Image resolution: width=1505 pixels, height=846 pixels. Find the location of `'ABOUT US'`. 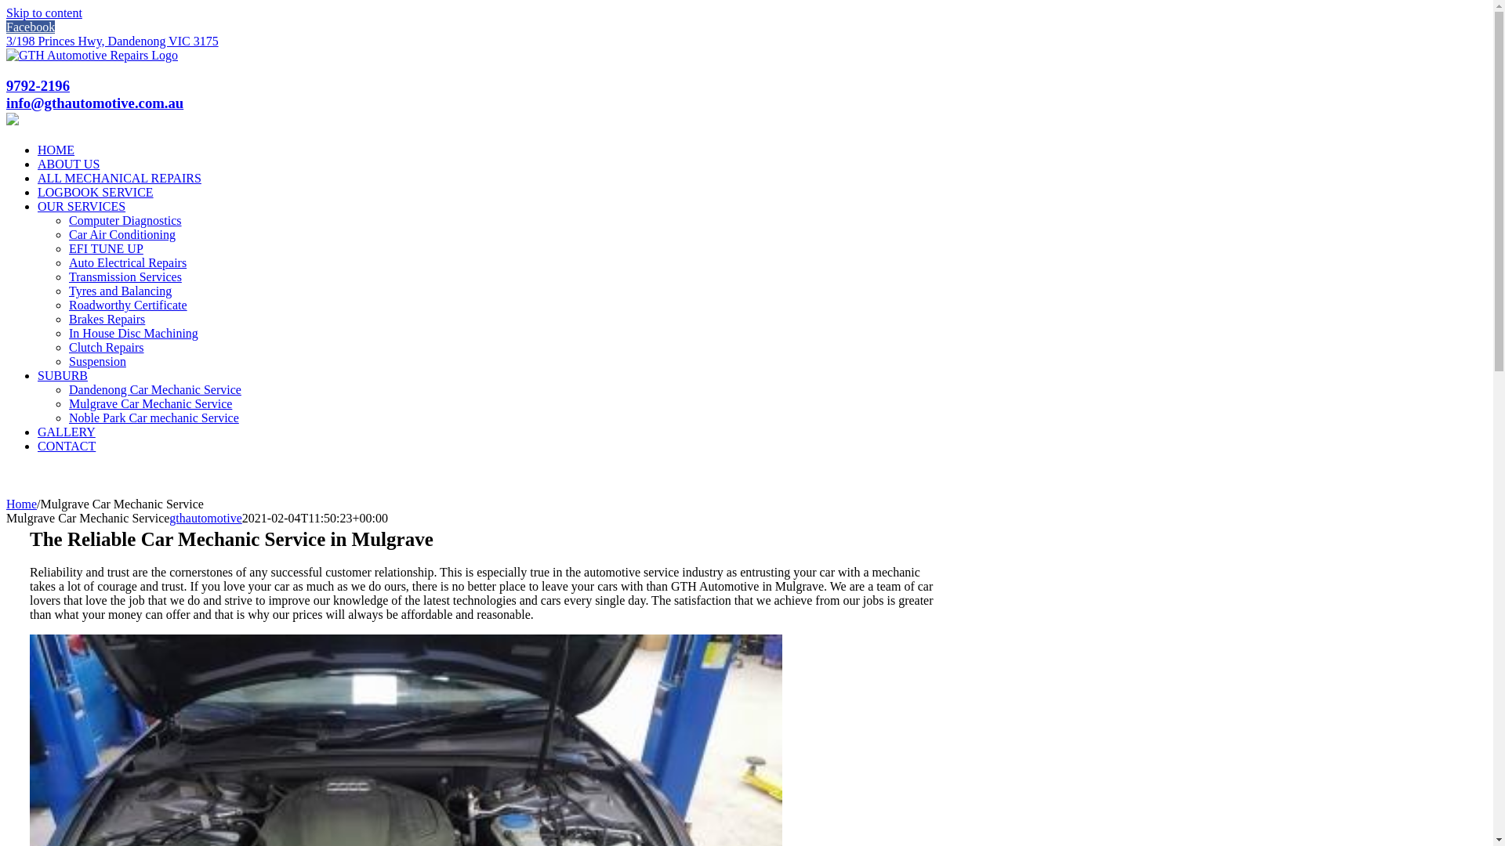

'ABOUT US' is located at coordinates (38, 164).